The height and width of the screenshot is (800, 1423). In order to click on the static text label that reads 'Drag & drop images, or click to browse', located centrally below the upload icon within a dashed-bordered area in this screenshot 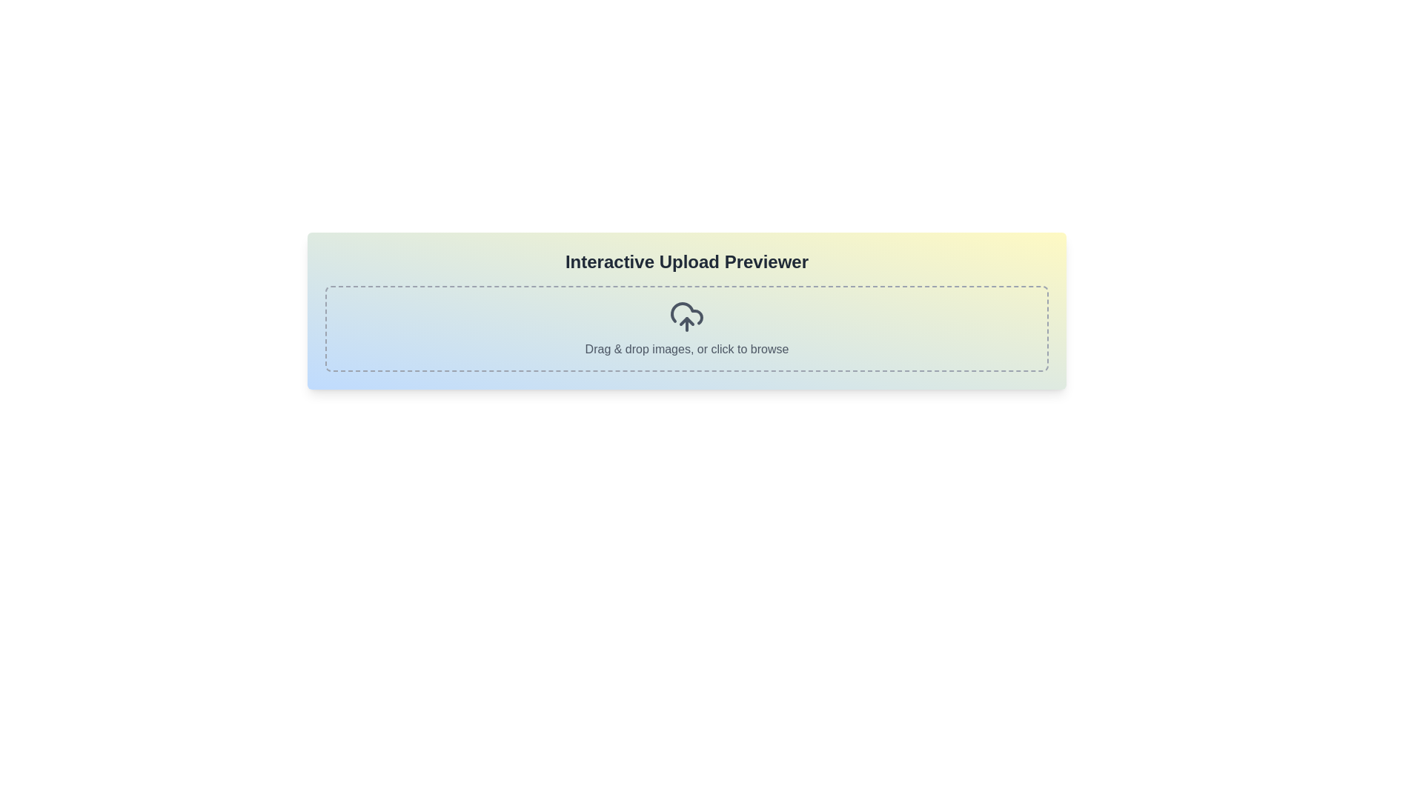, I will do `click(686, 349)`.